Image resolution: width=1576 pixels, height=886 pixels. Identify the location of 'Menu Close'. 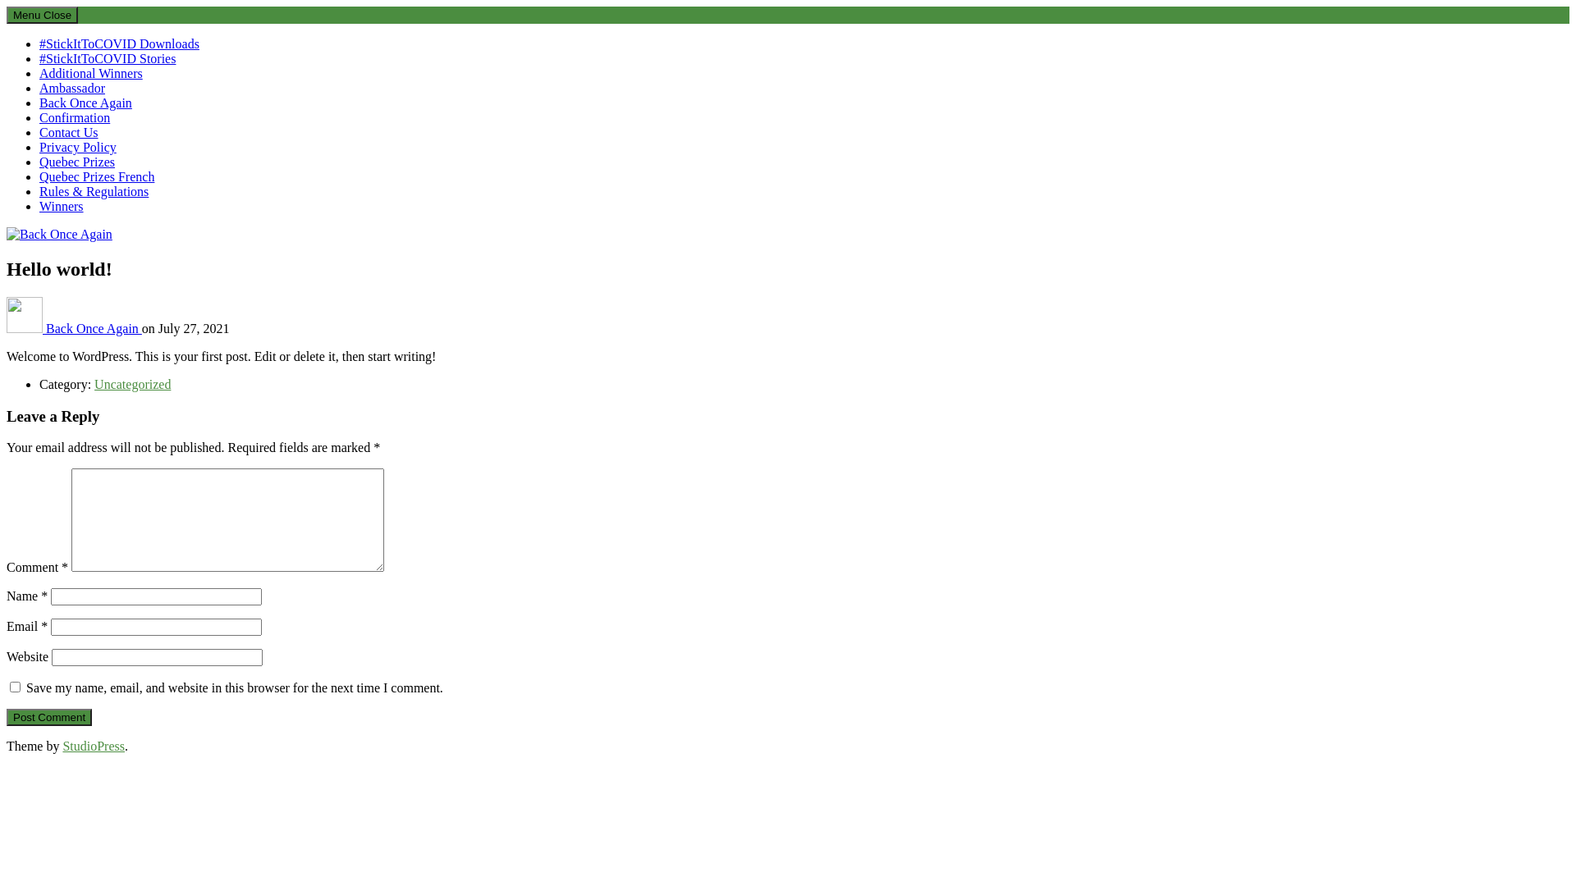
(42, 15).